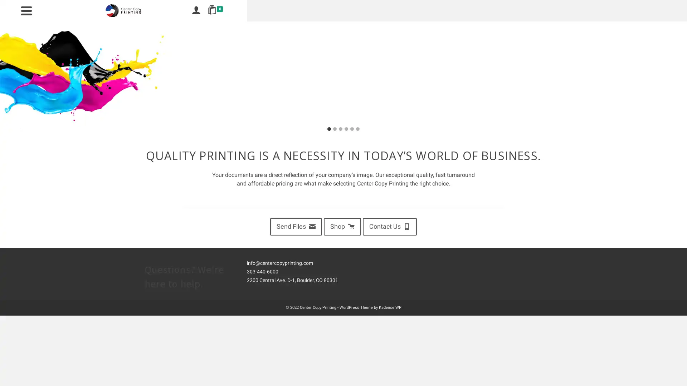 The height and width of the screenshot is (386, 687). What do you see at coordinates (346, 175) in the screenshot?
I see `Go to slide 4` at bounding box center [346, 175].